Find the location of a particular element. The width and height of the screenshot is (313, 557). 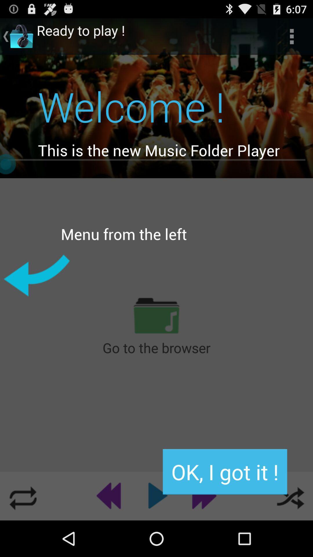

the av_rewind icon is located at coordinates (111, 531).